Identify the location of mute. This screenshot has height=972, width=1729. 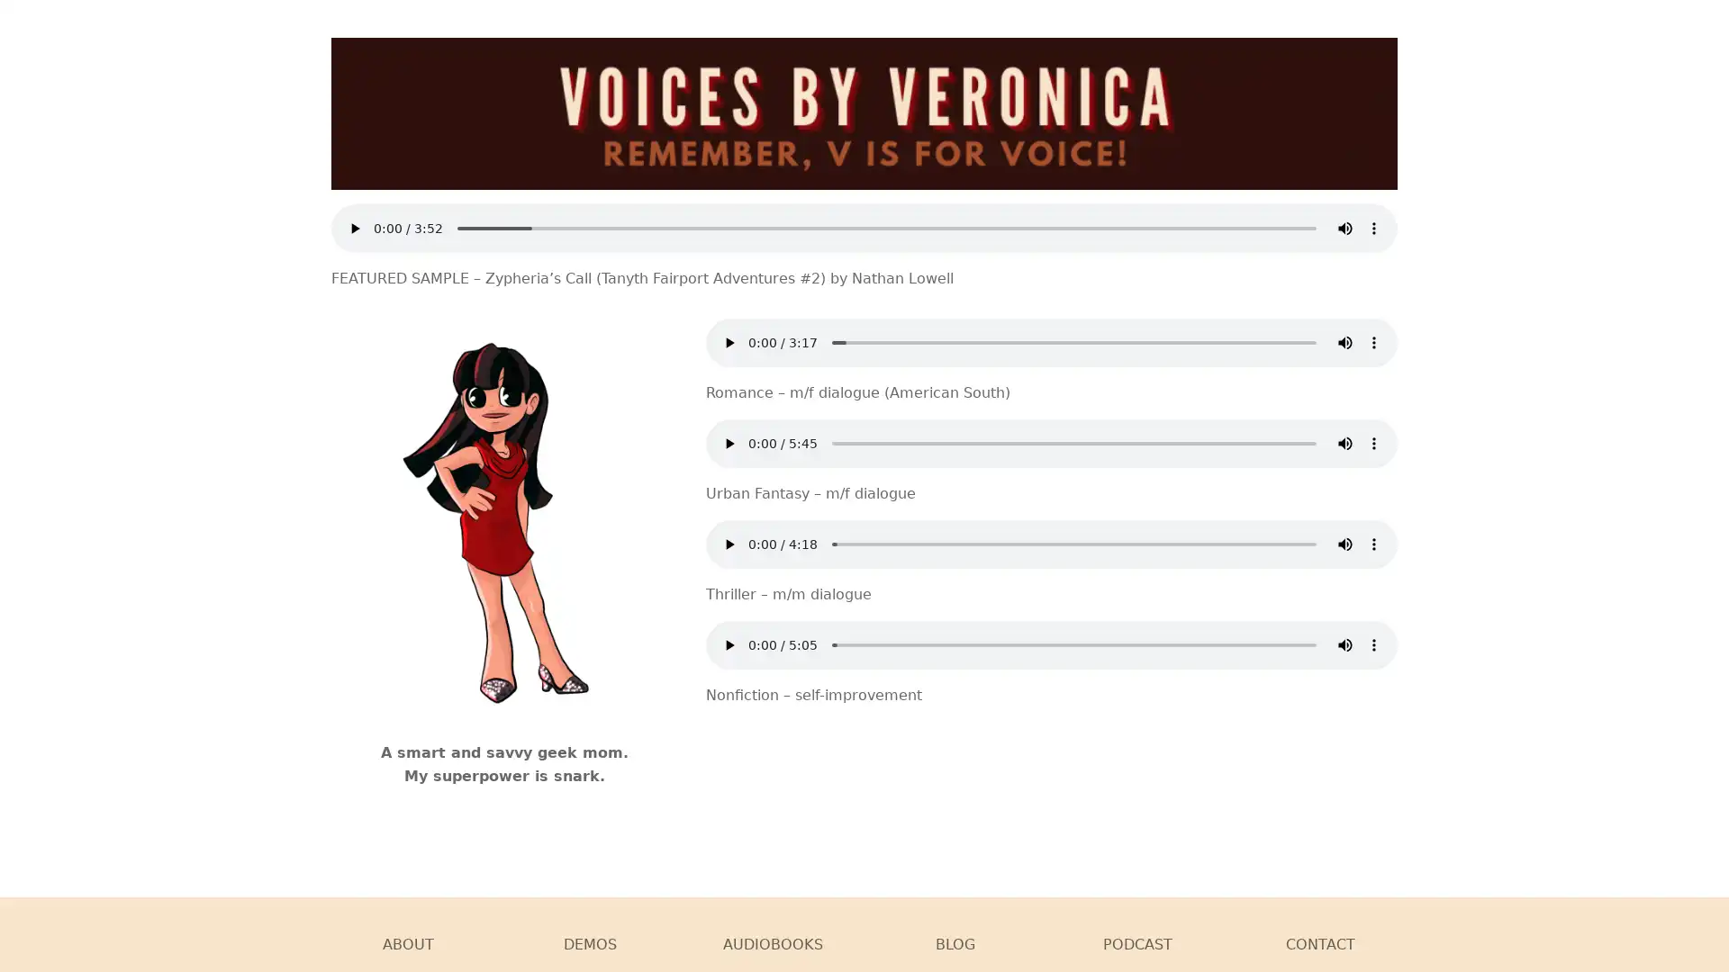
(1344, 444).